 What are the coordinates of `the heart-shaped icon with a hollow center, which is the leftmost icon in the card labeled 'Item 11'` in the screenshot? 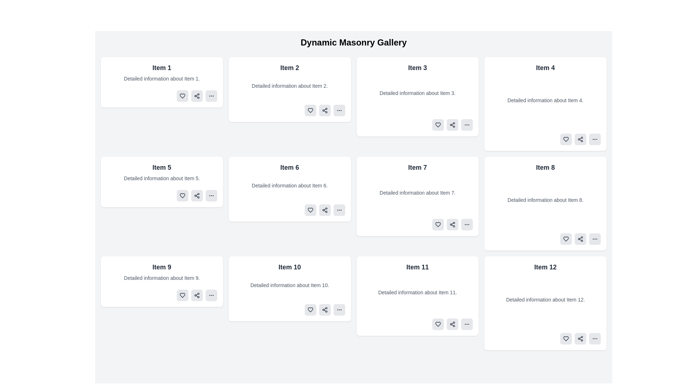 It's located at (438, 324).